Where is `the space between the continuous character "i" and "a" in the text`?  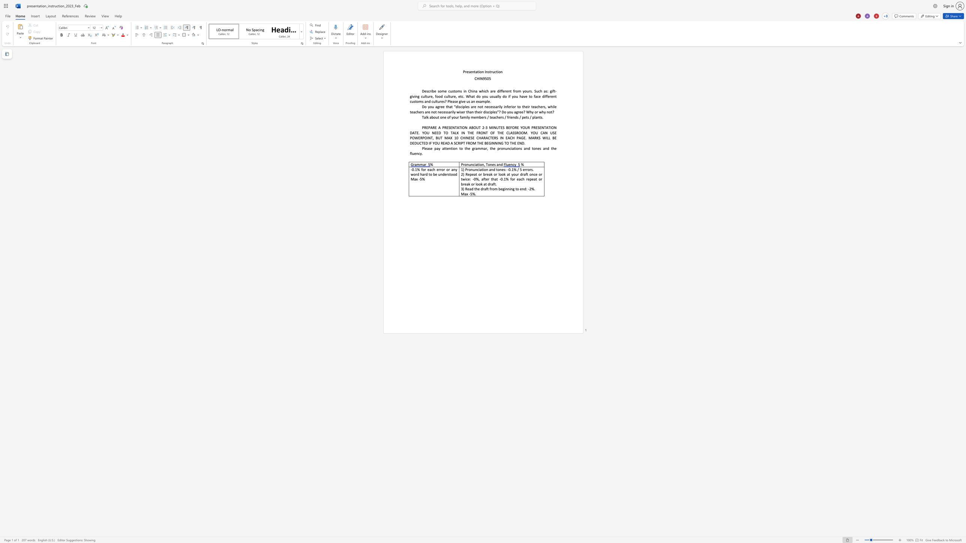
the space between the continuous character "i" and "a" in the text is located at coordinates (475, 165).